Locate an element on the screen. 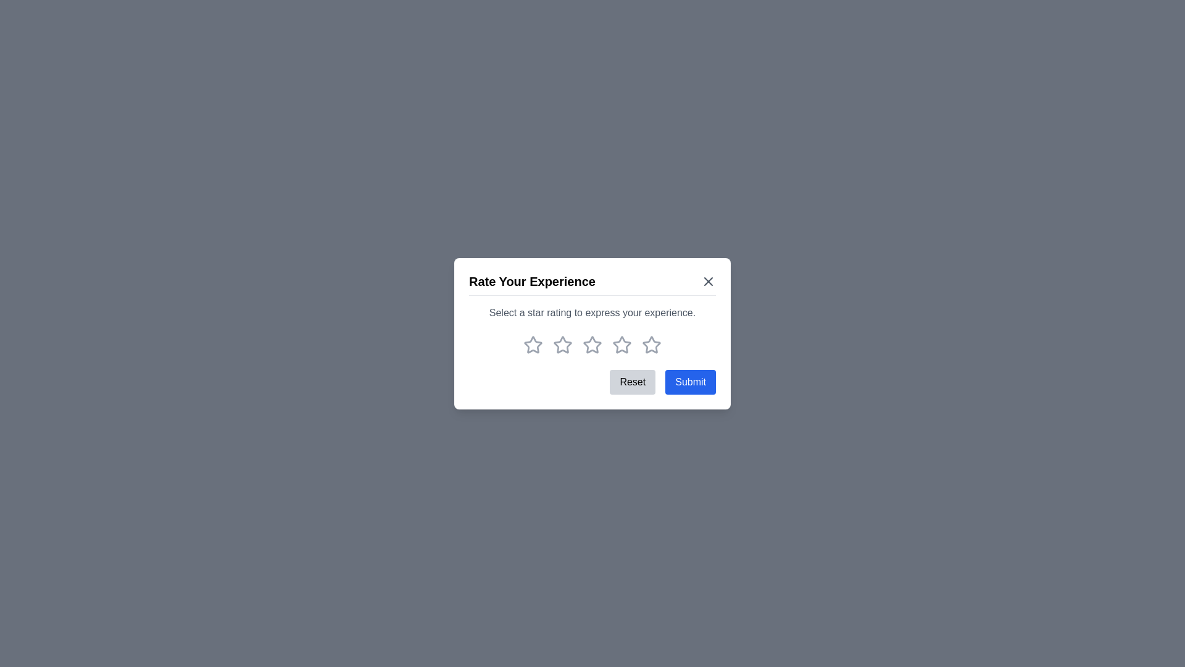 Image resolution: width=1185 pixels, height=667 pixels. the rating to 4 stars by clicking on the corresponding star is located at coordinates (622, 345).